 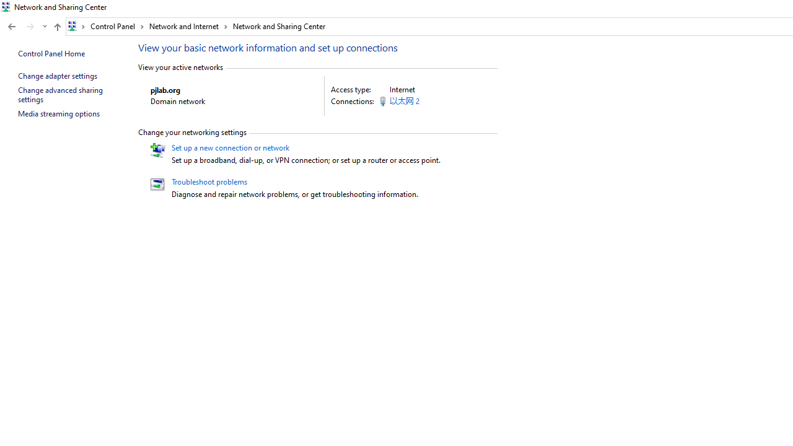 What do you see at coordinates (209, 181) in the screenshot?
I see `'Troubleshoot problems'` at bounding box center [209, 181].